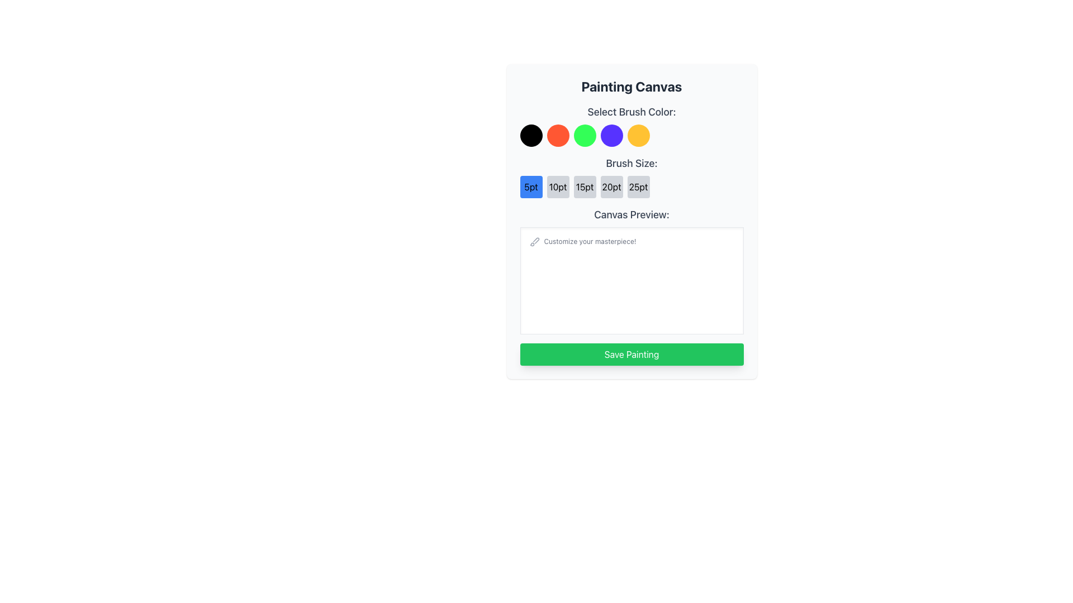 This screenshot has width=1073, height=603. Describe the element at coordinates (611, 186) in the screenshot. I see `the button labeled '20pt'` at that location.